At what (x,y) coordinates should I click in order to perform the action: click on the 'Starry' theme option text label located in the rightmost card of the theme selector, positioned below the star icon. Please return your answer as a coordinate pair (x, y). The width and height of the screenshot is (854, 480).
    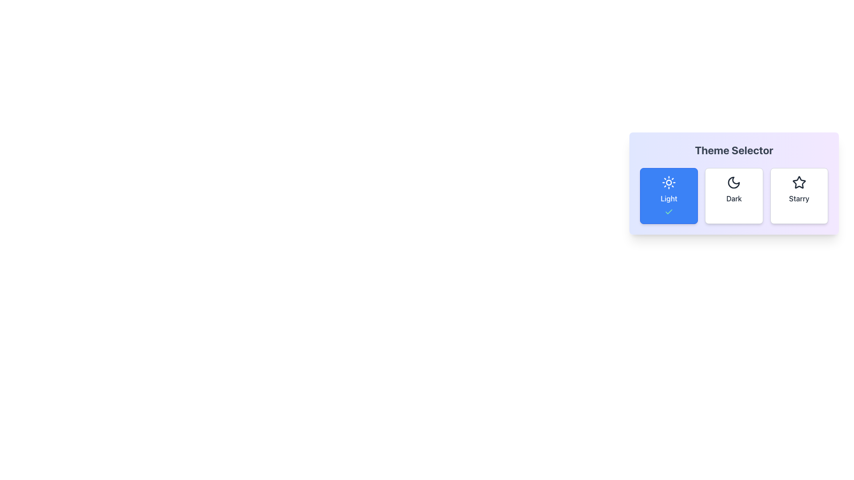
    Looking at the image, I should click on (799, 198).